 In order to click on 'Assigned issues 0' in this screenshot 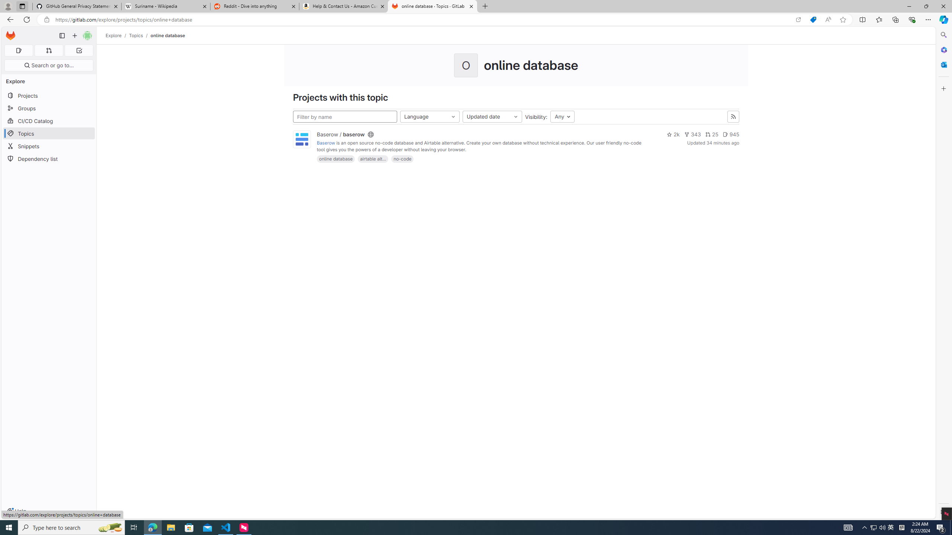, I will do `click(19, 50)`.